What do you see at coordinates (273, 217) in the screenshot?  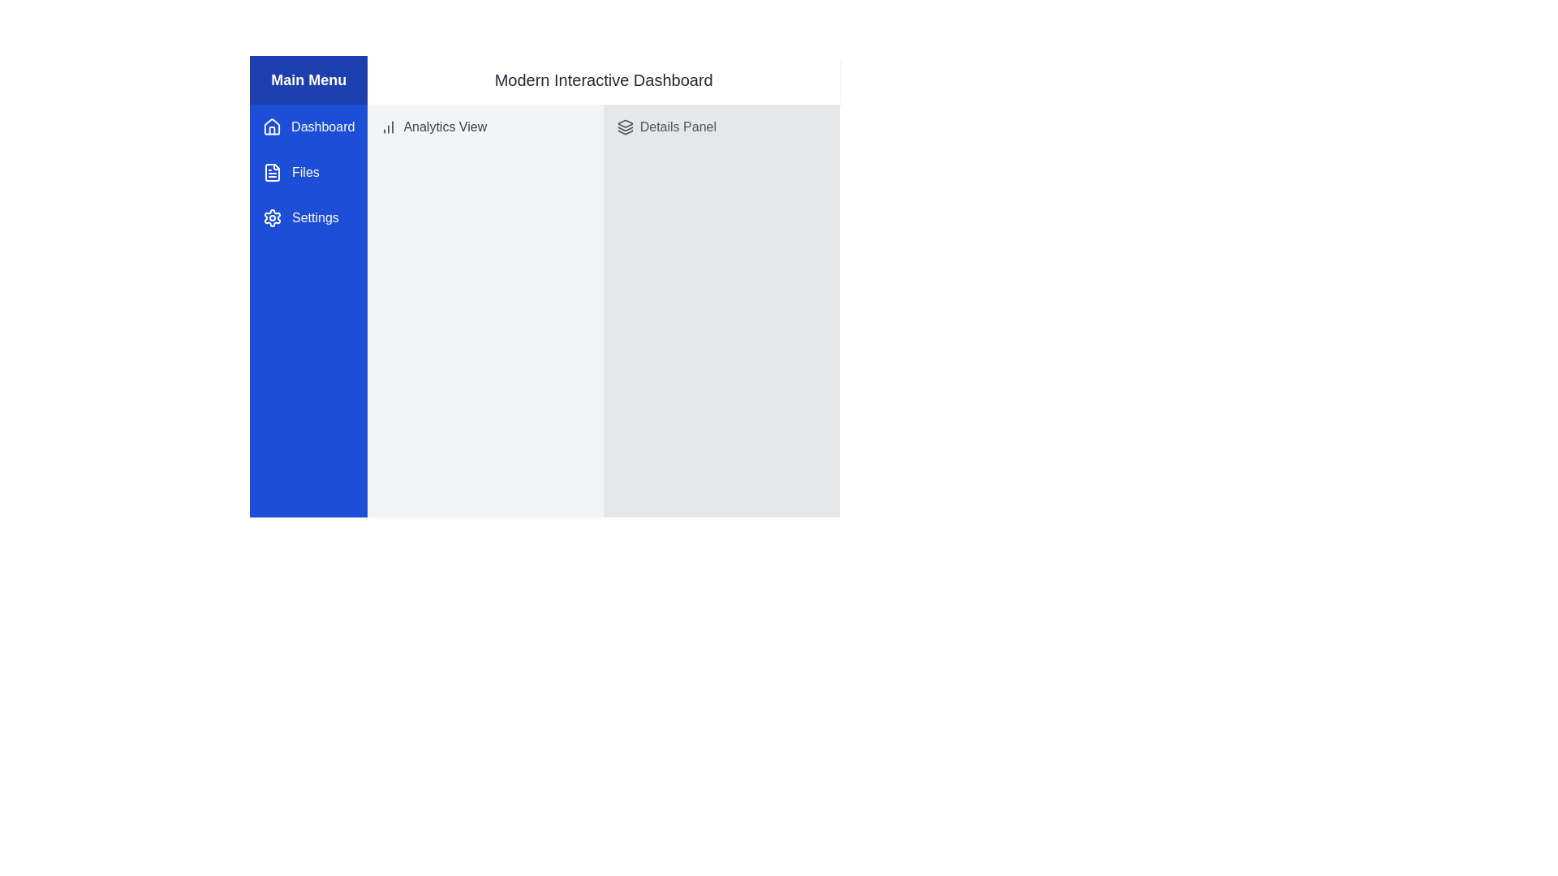 I see `the gear-shaped graphical icon located` at bounding box center [273, 217].